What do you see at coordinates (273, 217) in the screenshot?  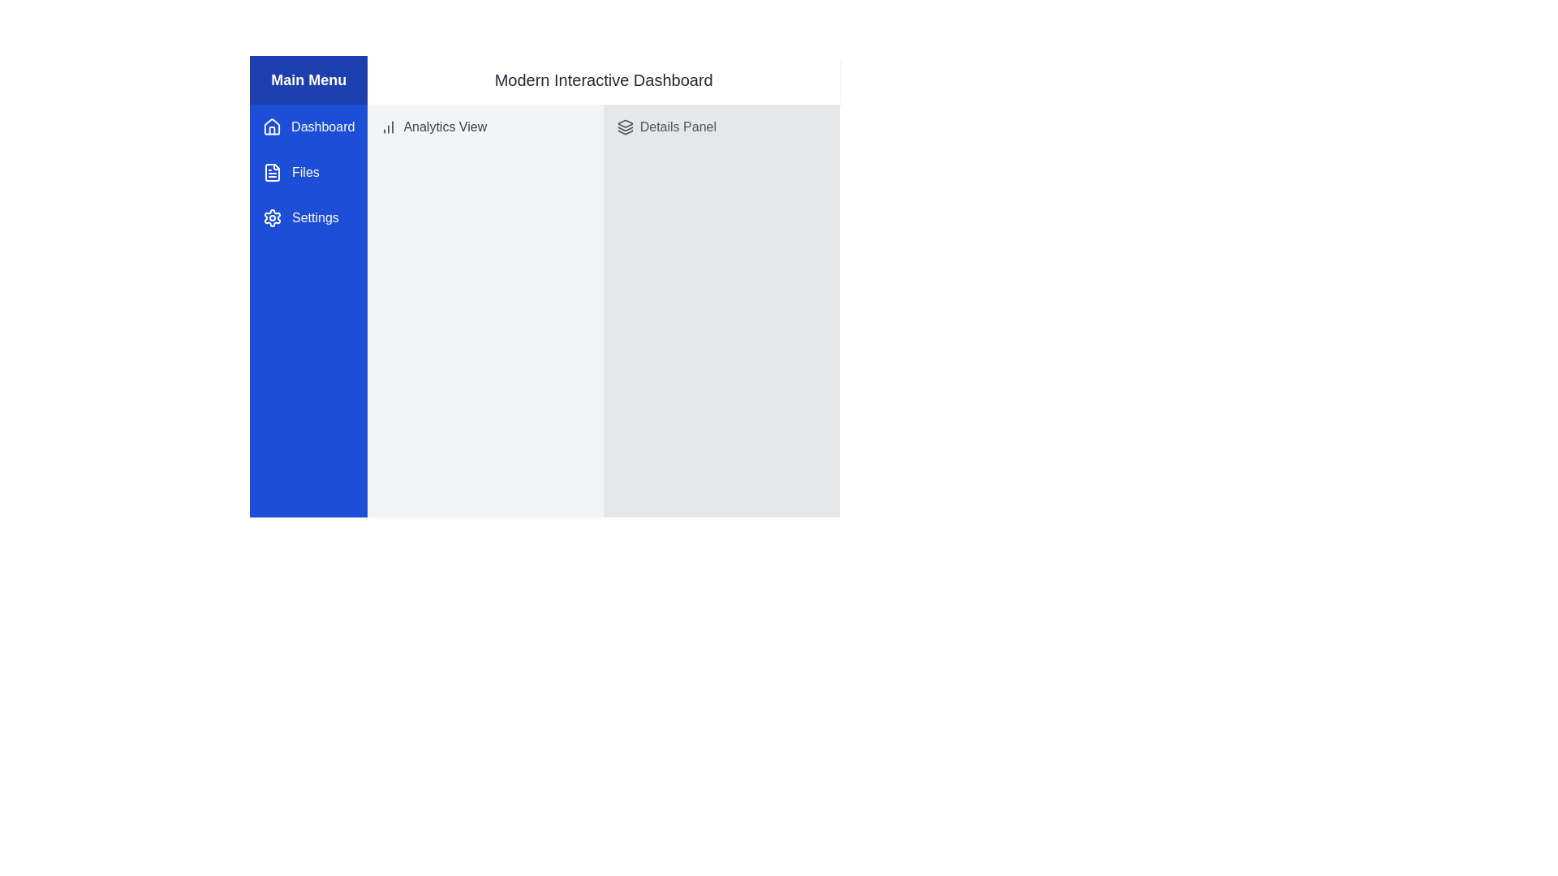 I see `the gear-shaped graphical icon located` at bounding box center [273, 217].